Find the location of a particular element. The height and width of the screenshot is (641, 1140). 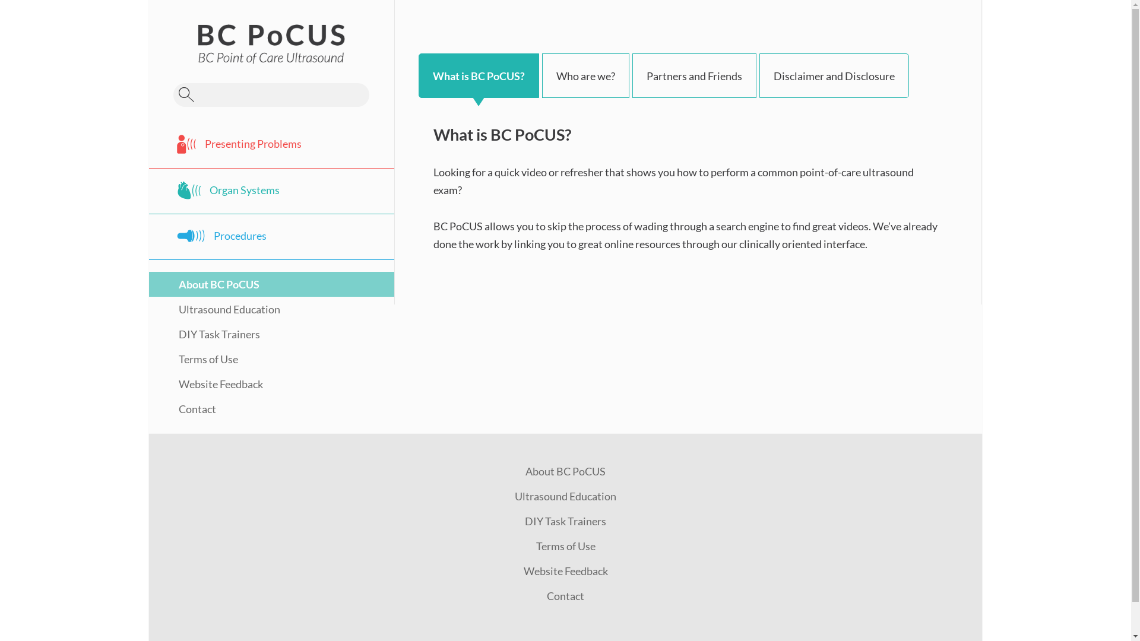

'Disclaimer and Disclosure' is located at coordinates (834, 75).